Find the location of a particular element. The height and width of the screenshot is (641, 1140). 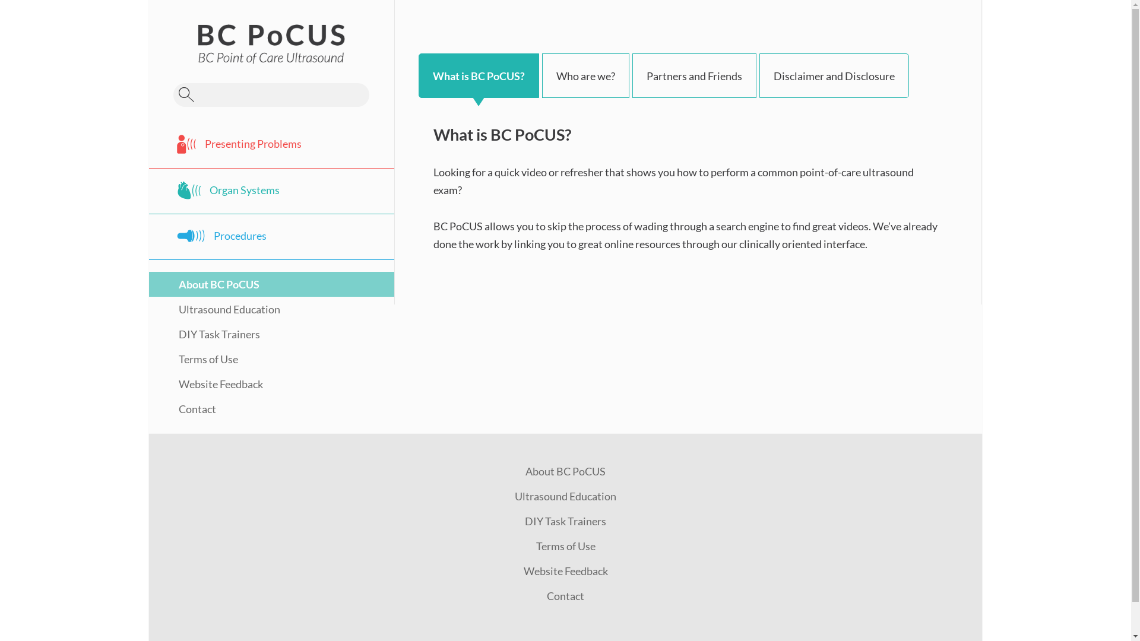

'Disclaimer and Disclosure' is located at coordinates (834, 75).